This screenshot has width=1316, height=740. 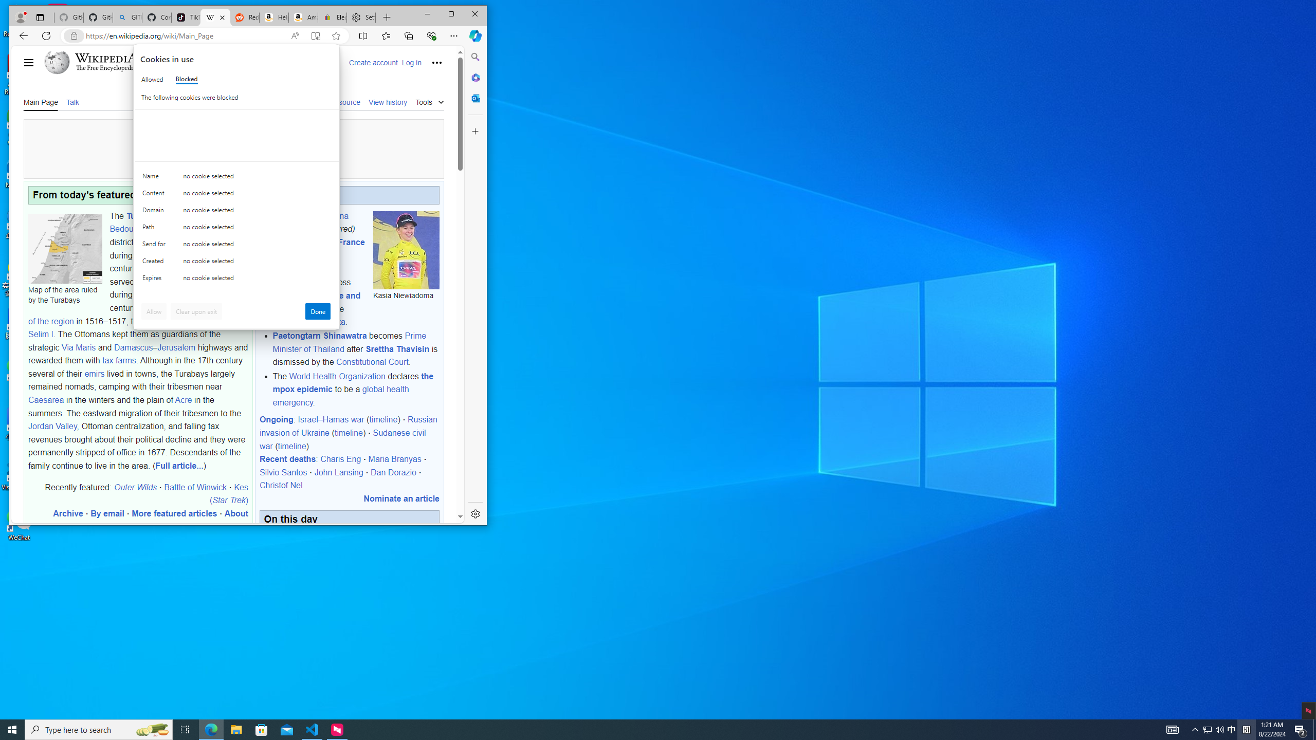 What do you see at coordinates (1232, 729) in the screenshot?
I see `'Notification Chevron'` at bounding box center [1232, 729].